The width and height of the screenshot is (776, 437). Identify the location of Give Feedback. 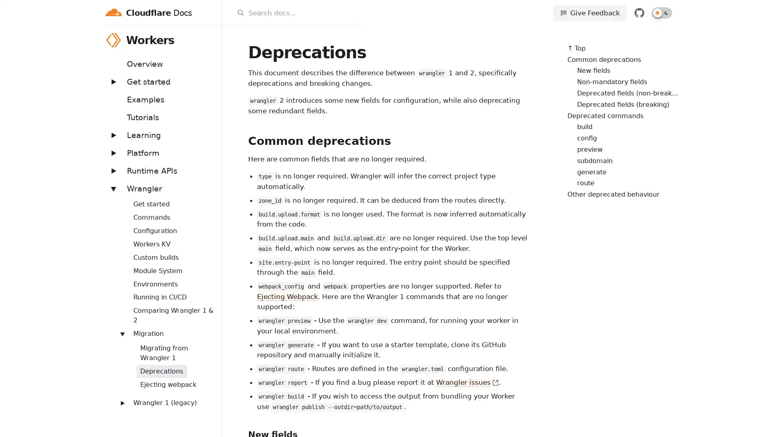
(590, 13).